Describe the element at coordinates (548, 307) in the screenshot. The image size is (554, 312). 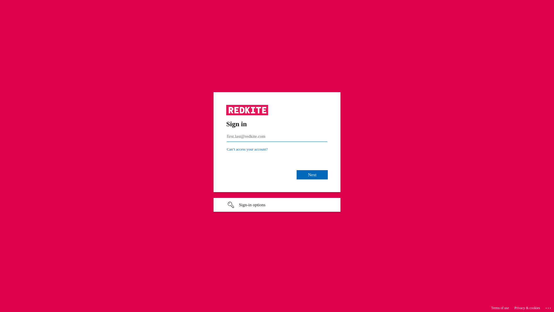
I see `'...'` at that location.